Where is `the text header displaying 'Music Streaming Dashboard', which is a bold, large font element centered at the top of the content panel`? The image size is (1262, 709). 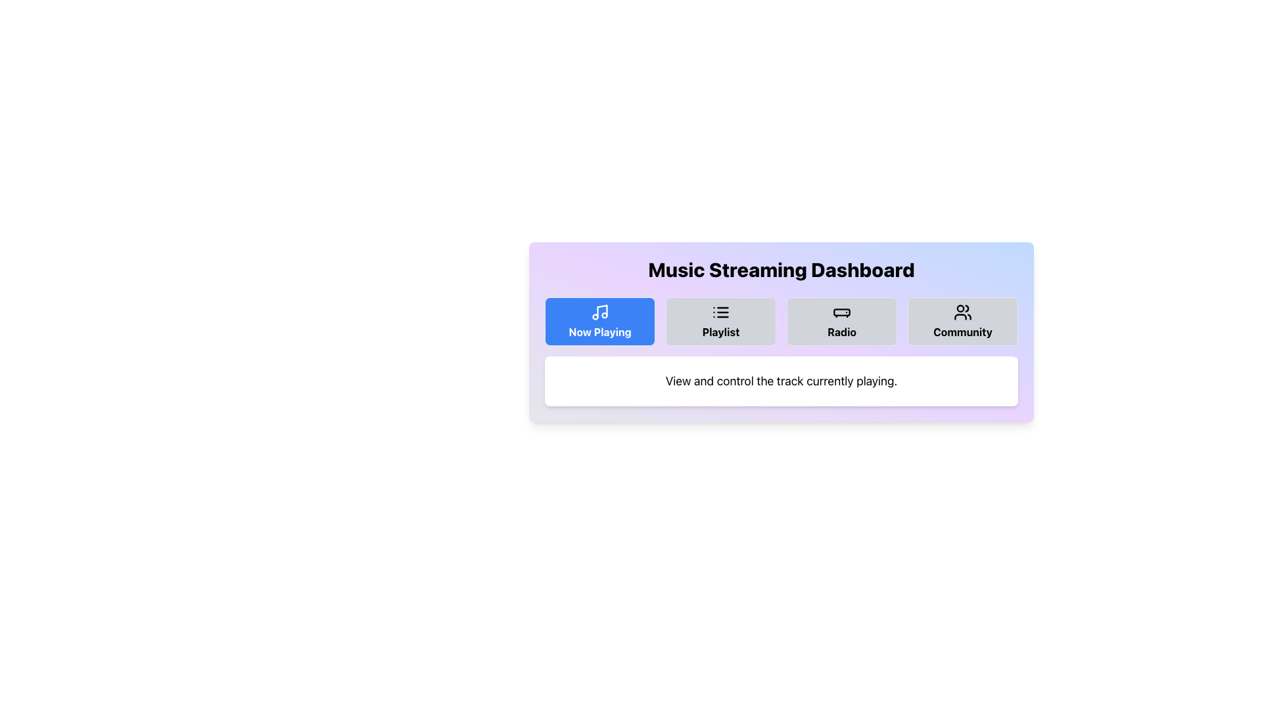
the text header displaying 'Music Streaming Dashboard', which is a bold, large font element centered at the top of the content panel is located at coordinates (782, 269).